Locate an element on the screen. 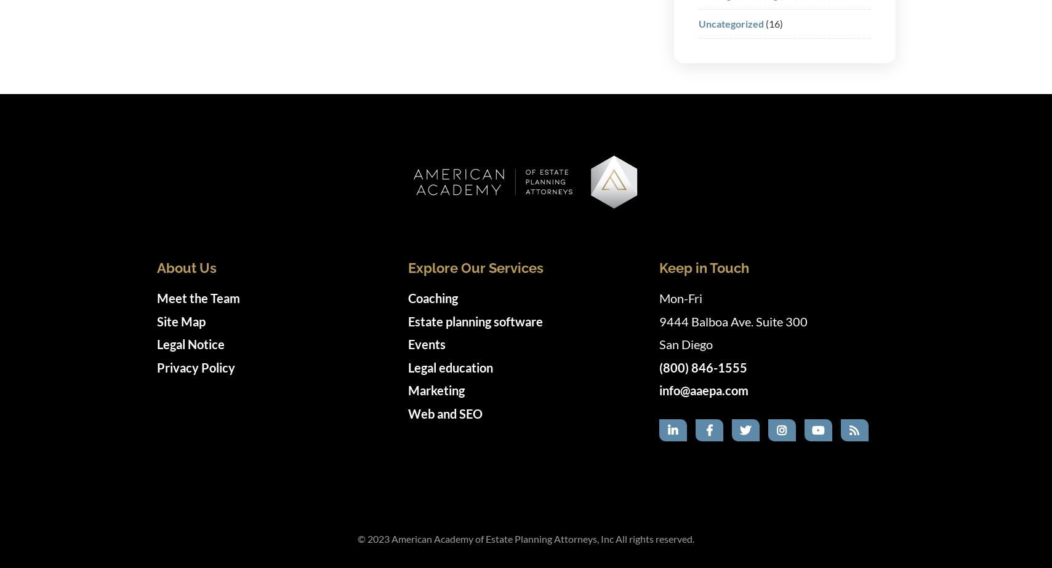  'Keep in Touch' is located at coordinates (703, 267).